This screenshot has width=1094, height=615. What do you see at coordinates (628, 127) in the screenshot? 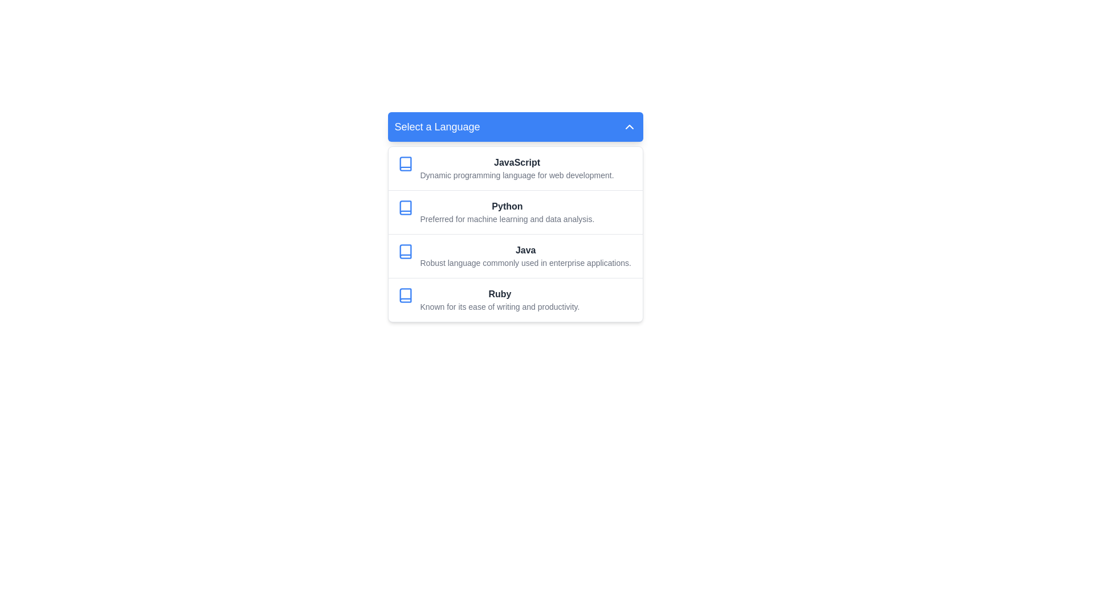
I see `the chevron icon located at the far right of the header bar titled 'Select a Language'` at bounding box center [628, 127].